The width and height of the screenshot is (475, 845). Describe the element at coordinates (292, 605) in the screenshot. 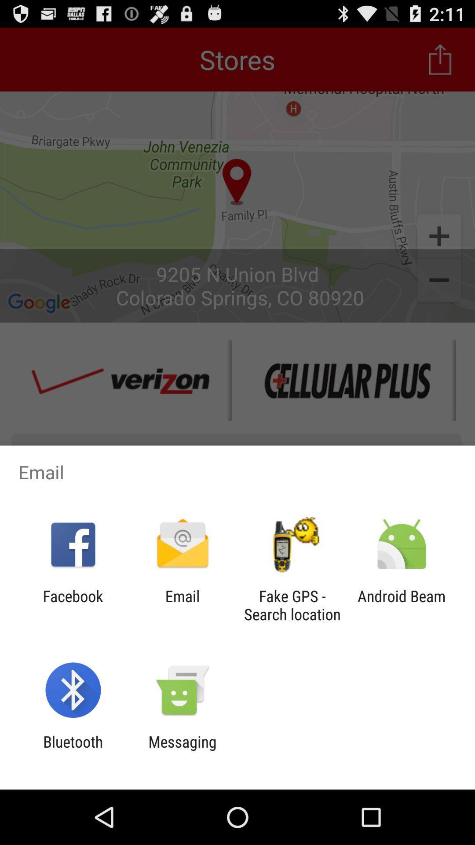

I see `item next to the email` at that location.